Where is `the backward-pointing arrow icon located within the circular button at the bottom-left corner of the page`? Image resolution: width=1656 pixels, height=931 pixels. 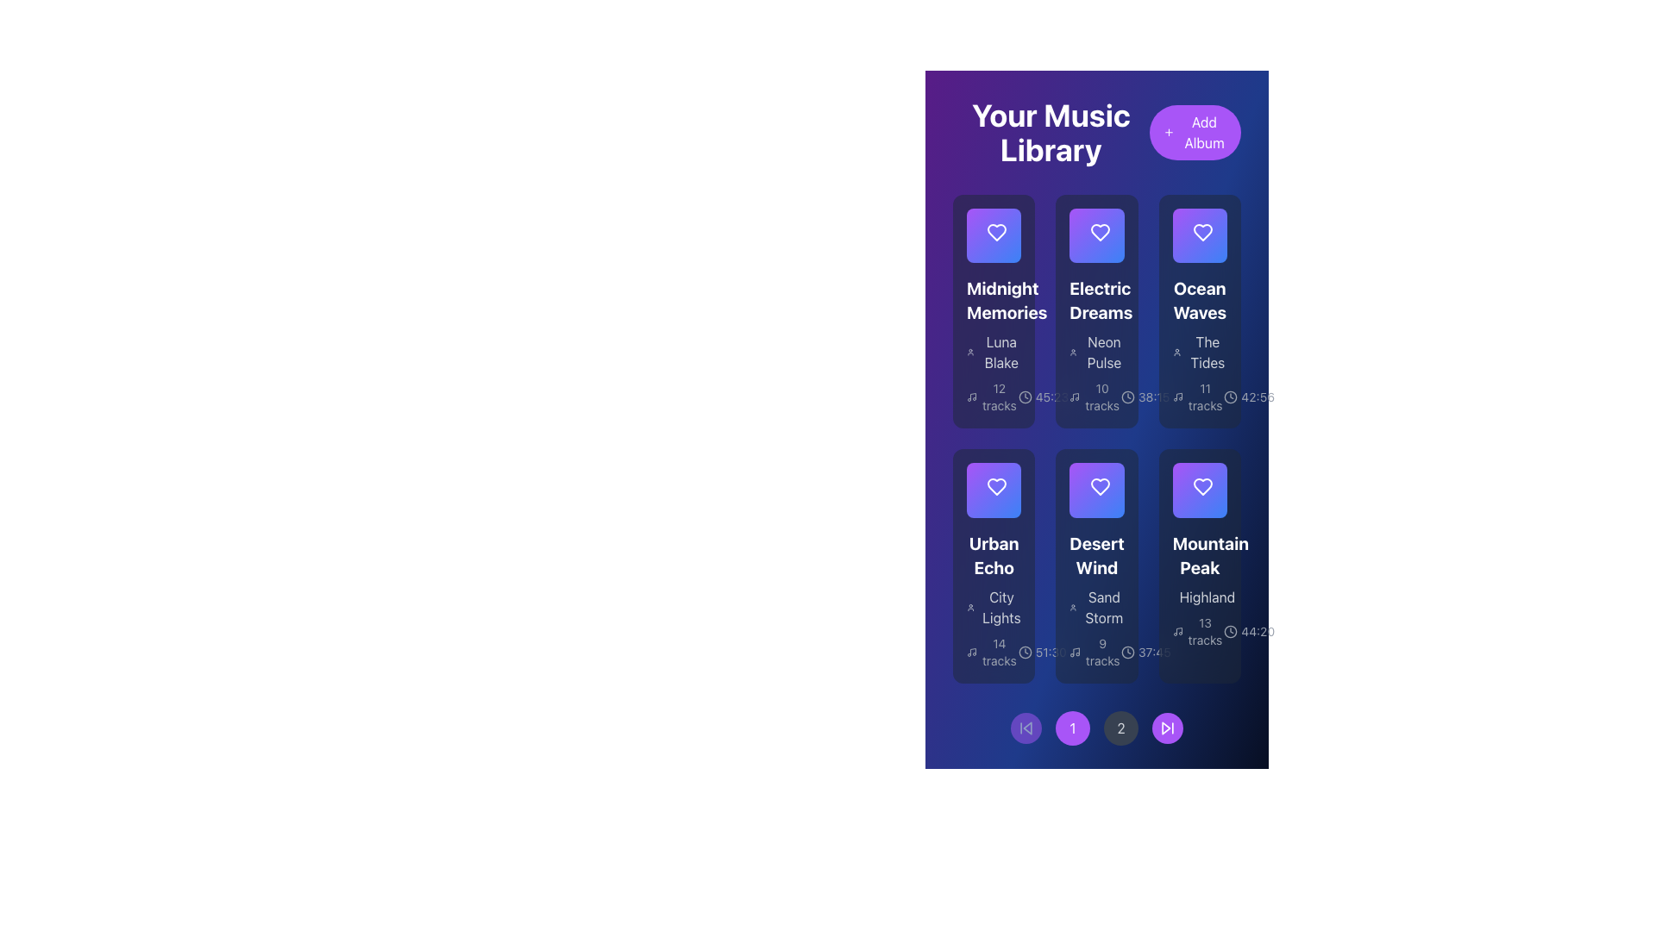
the backward-pointing arrow icon located within the circular button at the bottom-left corner of the page is located at coordinates (1027, 728).